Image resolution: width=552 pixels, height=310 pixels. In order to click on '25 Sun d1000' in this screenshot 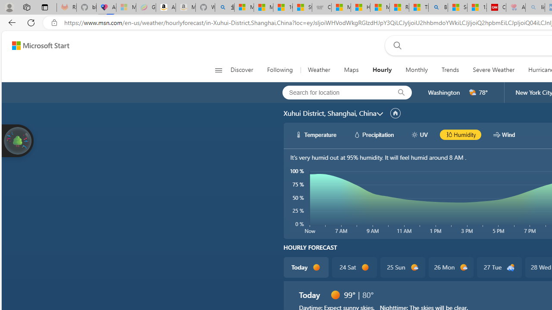, I will do `click(402, 267)`.